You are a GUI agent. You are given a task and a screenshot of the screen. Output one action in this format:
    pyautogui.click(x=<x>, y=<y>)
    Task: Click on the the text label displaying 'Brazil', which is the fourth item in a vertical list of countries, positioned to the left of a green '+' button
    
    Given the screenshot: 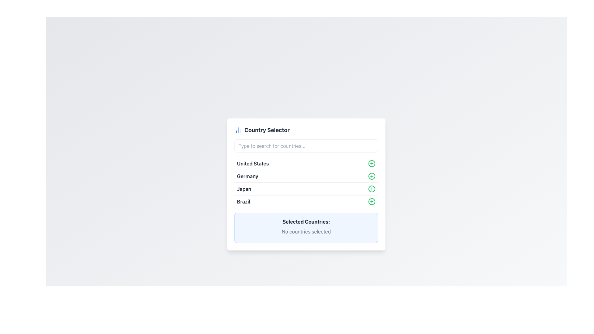 What is the action you would take?
    pyautogui.click(x=243, y=201)
    